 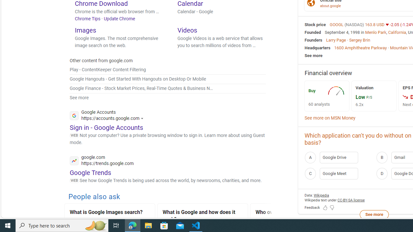 I want to click on 'AutomationID: recImg', so click(x=336, y=91).